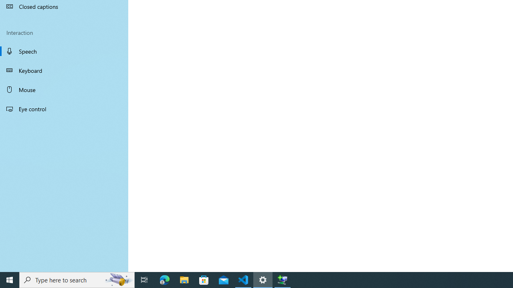 This screenshot has height=288, width=513. What do you see at coordinates (64, 108) in the screenshot?
I see `'Eye control'` at bounding box center [64, 108].